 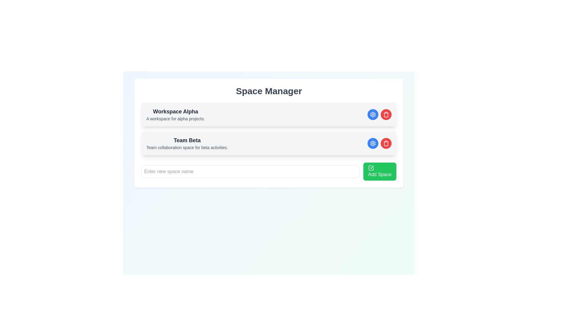 I want to click on the delete button associated with the 'Team Beta' workspace, so click(x=386, y=143).